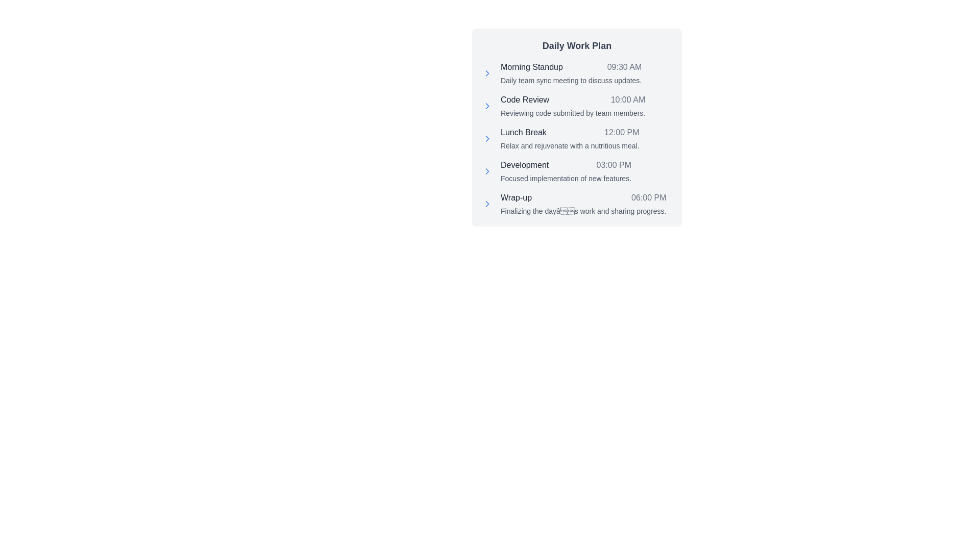 This screenshot has height=551, width=980. What do you see at coordinates (571, 80) in the screenshot?
I see `the informational text about the 'Morning Standup' meeting that follows the title and time in the vertical list` at bounding box center [571, 80].